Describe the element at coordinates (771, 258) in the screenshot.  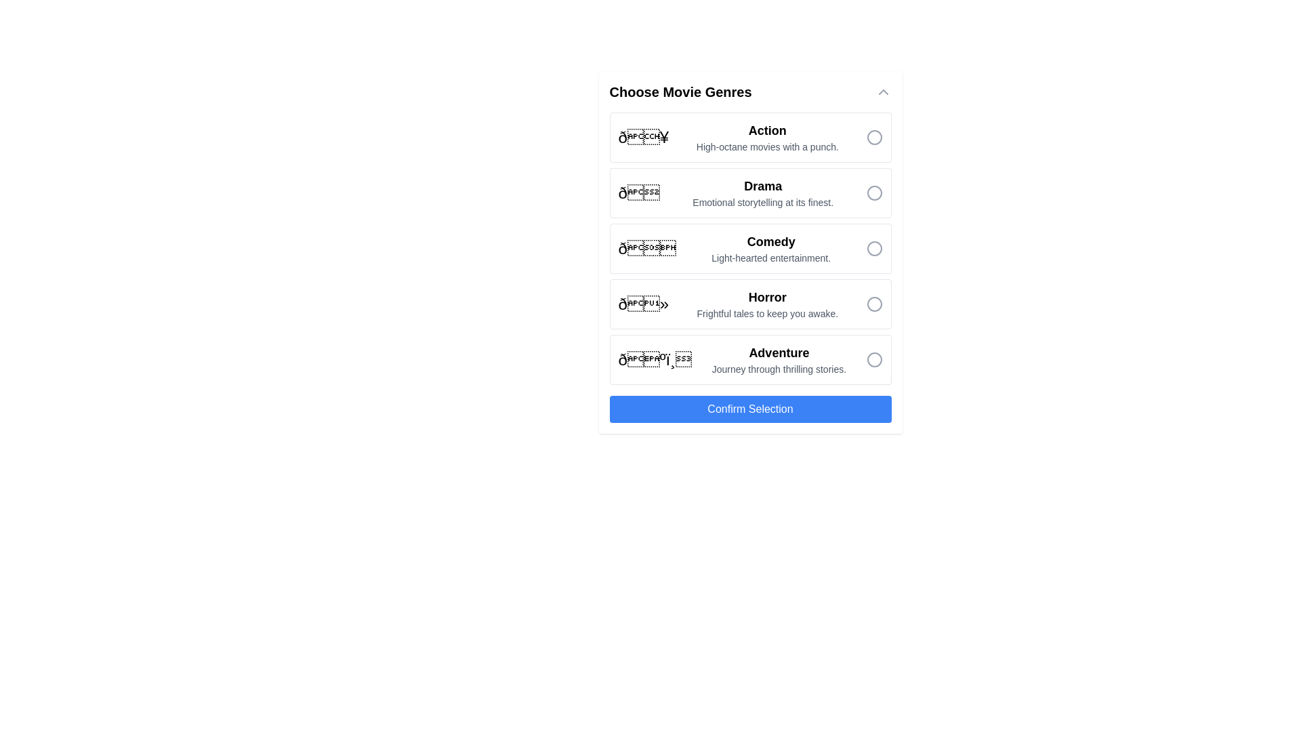
I see `the text element that states 'Light-hearted entertainment.' located below the 'Comedy' title in the 'Choose Movie Genres' selection panel` at that location.